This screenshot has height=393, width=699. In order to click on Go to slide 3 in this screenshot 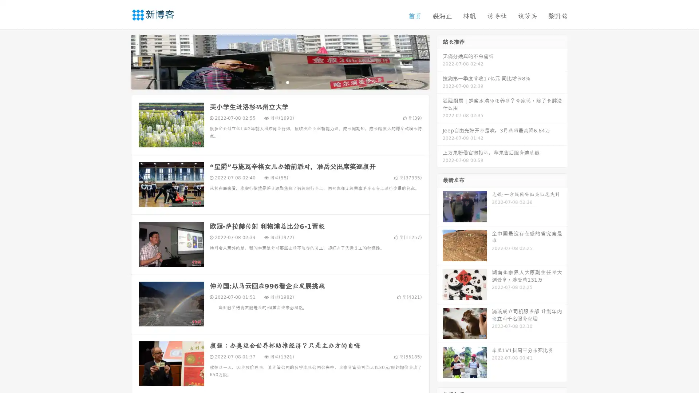, I will do `click(287, 82)`.